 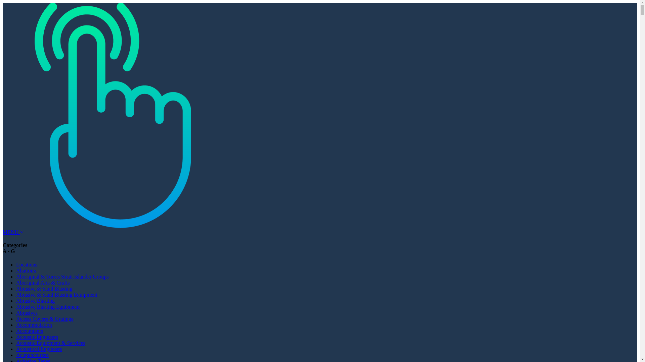 What do you see at coordinates (16, 337) in the screenshot?
I see `'Acoustic Engineers'` at bounding box center [16, 337].